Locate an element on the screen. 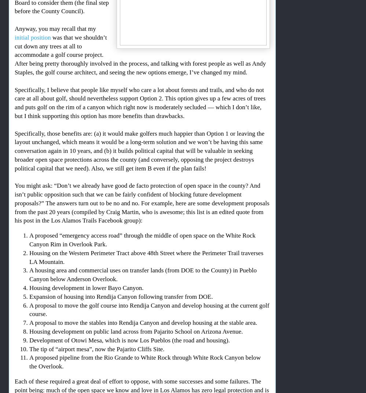  'Housing on the Western Perimeter Tract above 48th Street where the Perimeter Trail traverses LA Mountain.' is located at coordinates (146, 257).